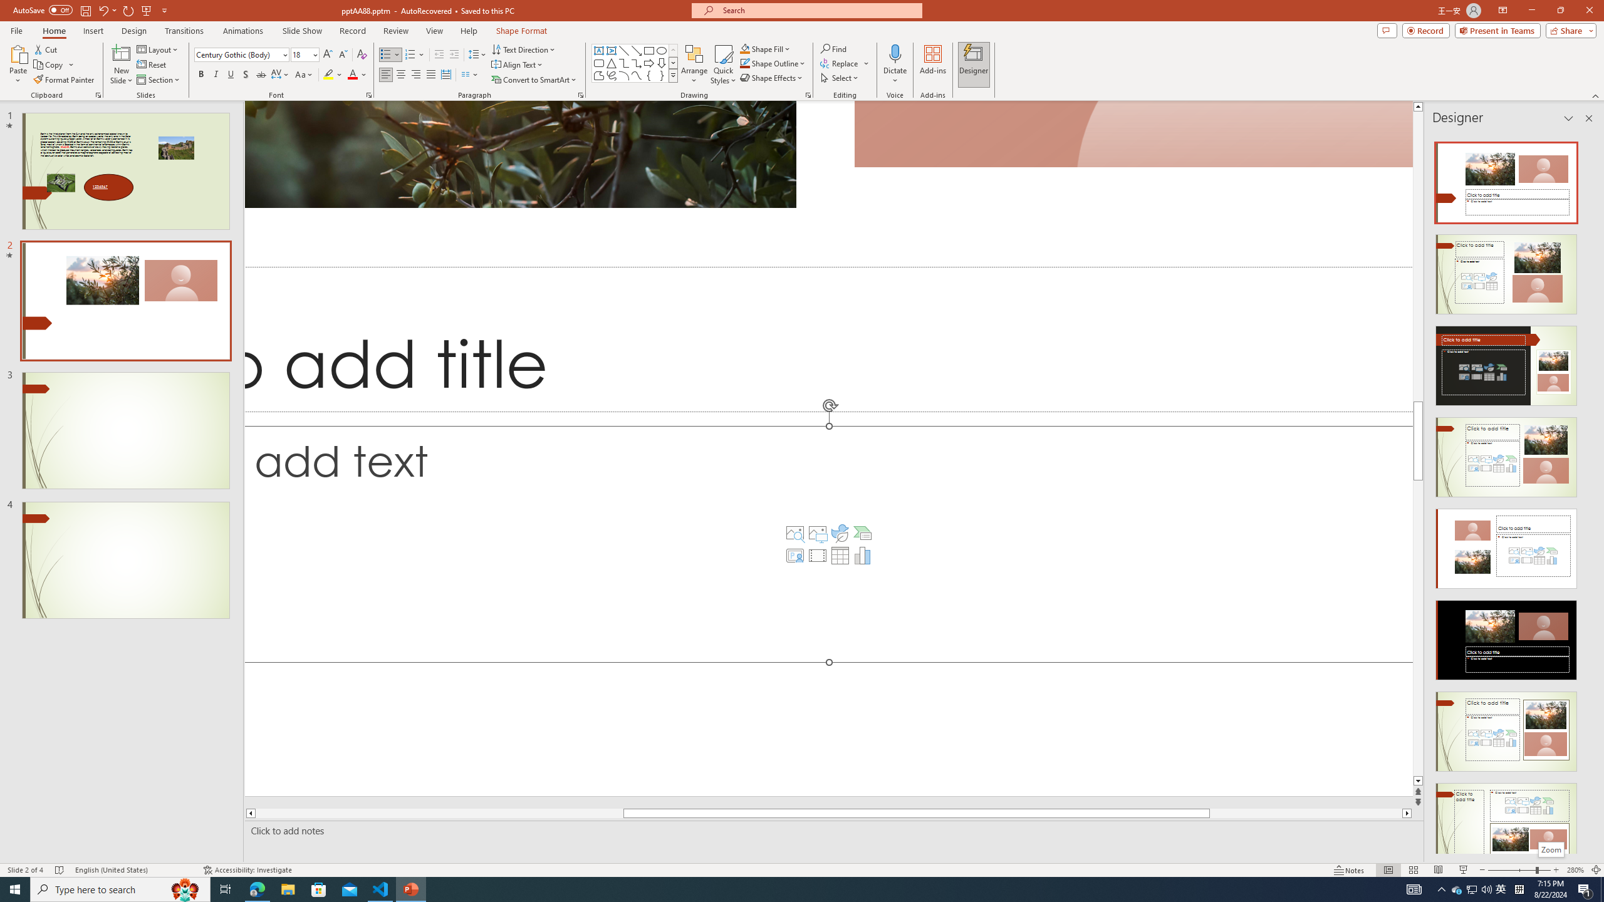 This screenshot has width=1604, height=902. What do you see at coordinates (1497, 29) in the screenshot?
I see `'Present in Teams'` at bounding box center [1497, 29].